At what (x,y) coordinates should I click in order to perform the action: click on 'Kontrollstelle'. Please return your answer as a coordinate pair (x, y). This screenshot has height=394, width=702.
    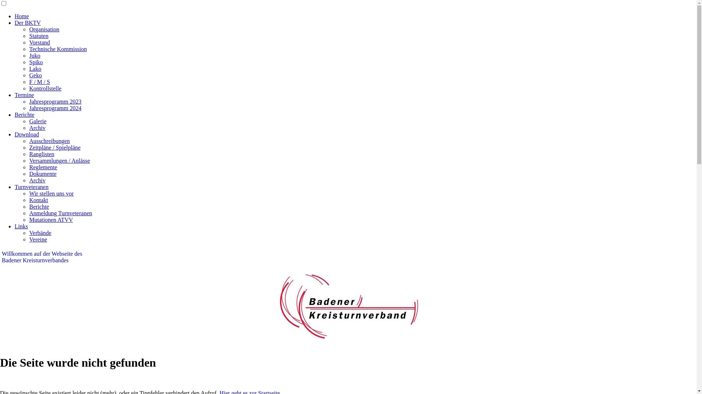
    Looking at the image, I should click on (45, 88).